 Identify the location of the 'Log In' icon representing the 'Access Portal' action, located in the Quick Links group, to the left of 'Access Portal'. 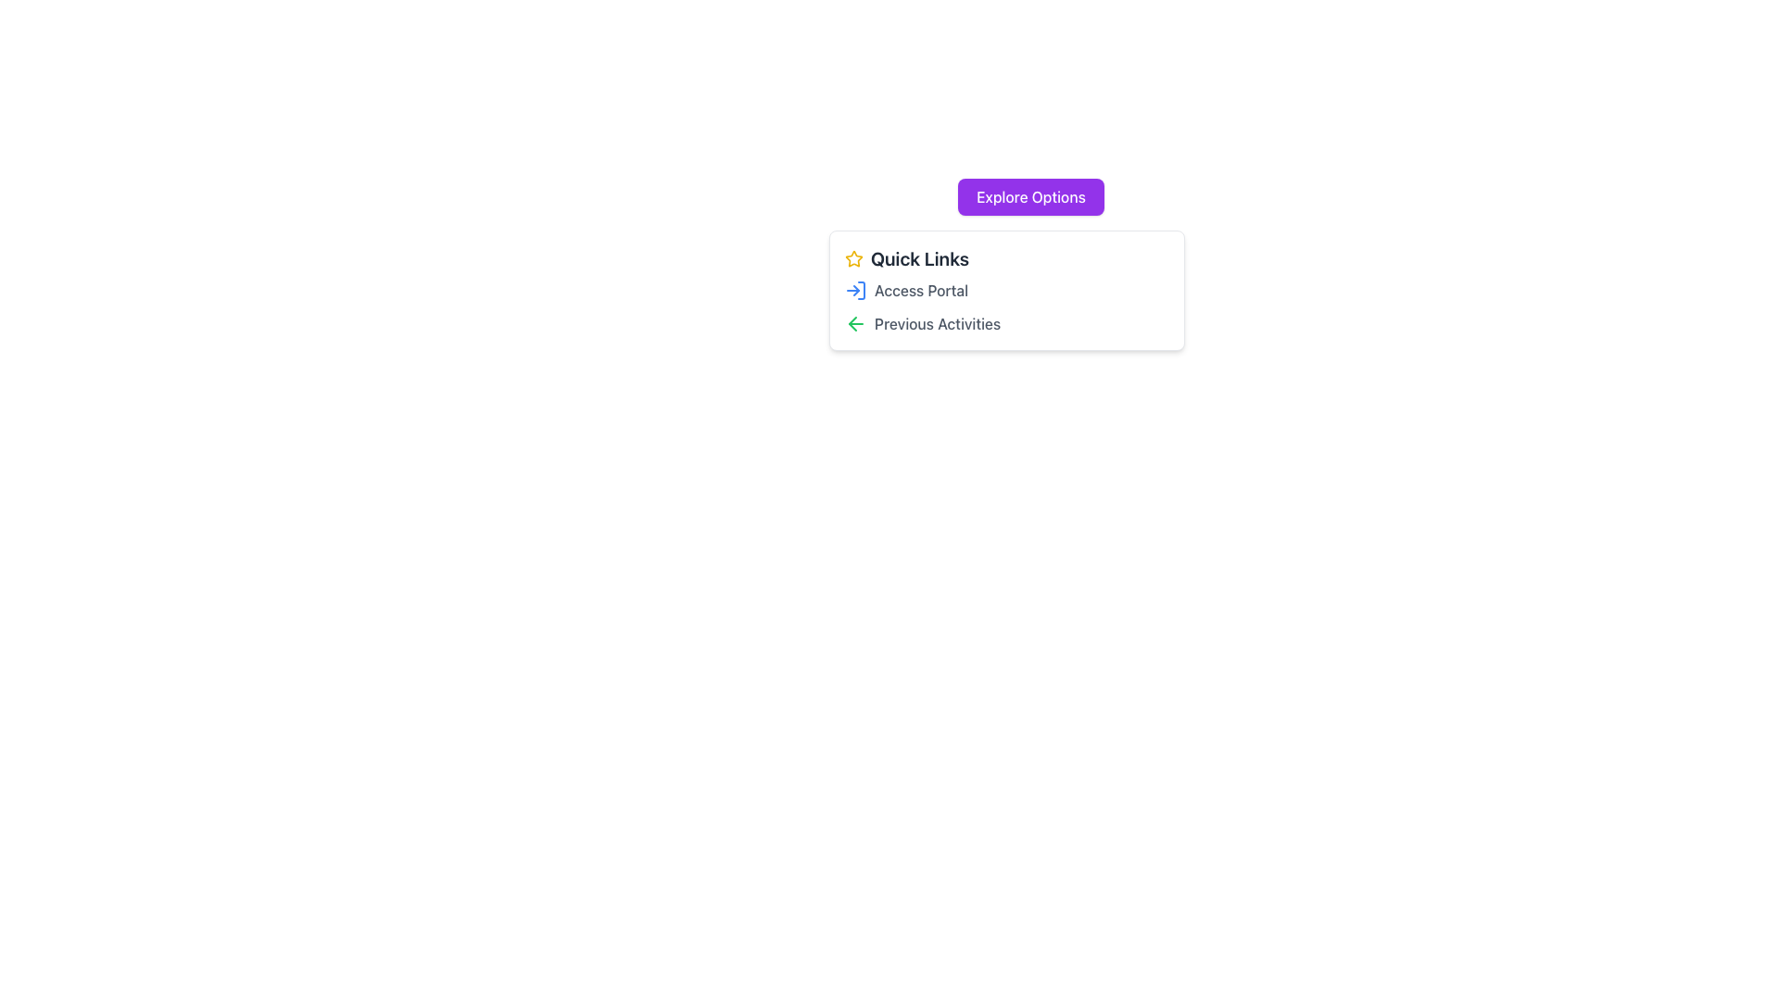
(855, 290).